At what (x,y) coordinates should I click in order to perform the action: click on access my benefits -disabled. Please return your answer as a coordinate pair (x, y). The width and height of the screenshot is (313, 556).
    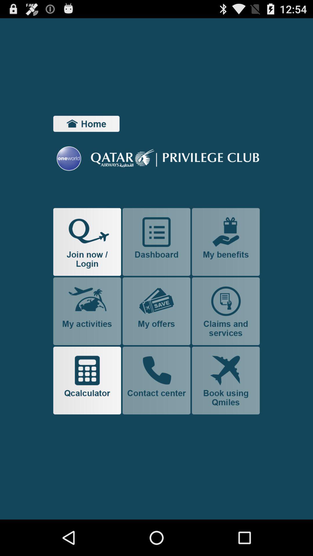
    Looking at the image, I should click on (225, 242).